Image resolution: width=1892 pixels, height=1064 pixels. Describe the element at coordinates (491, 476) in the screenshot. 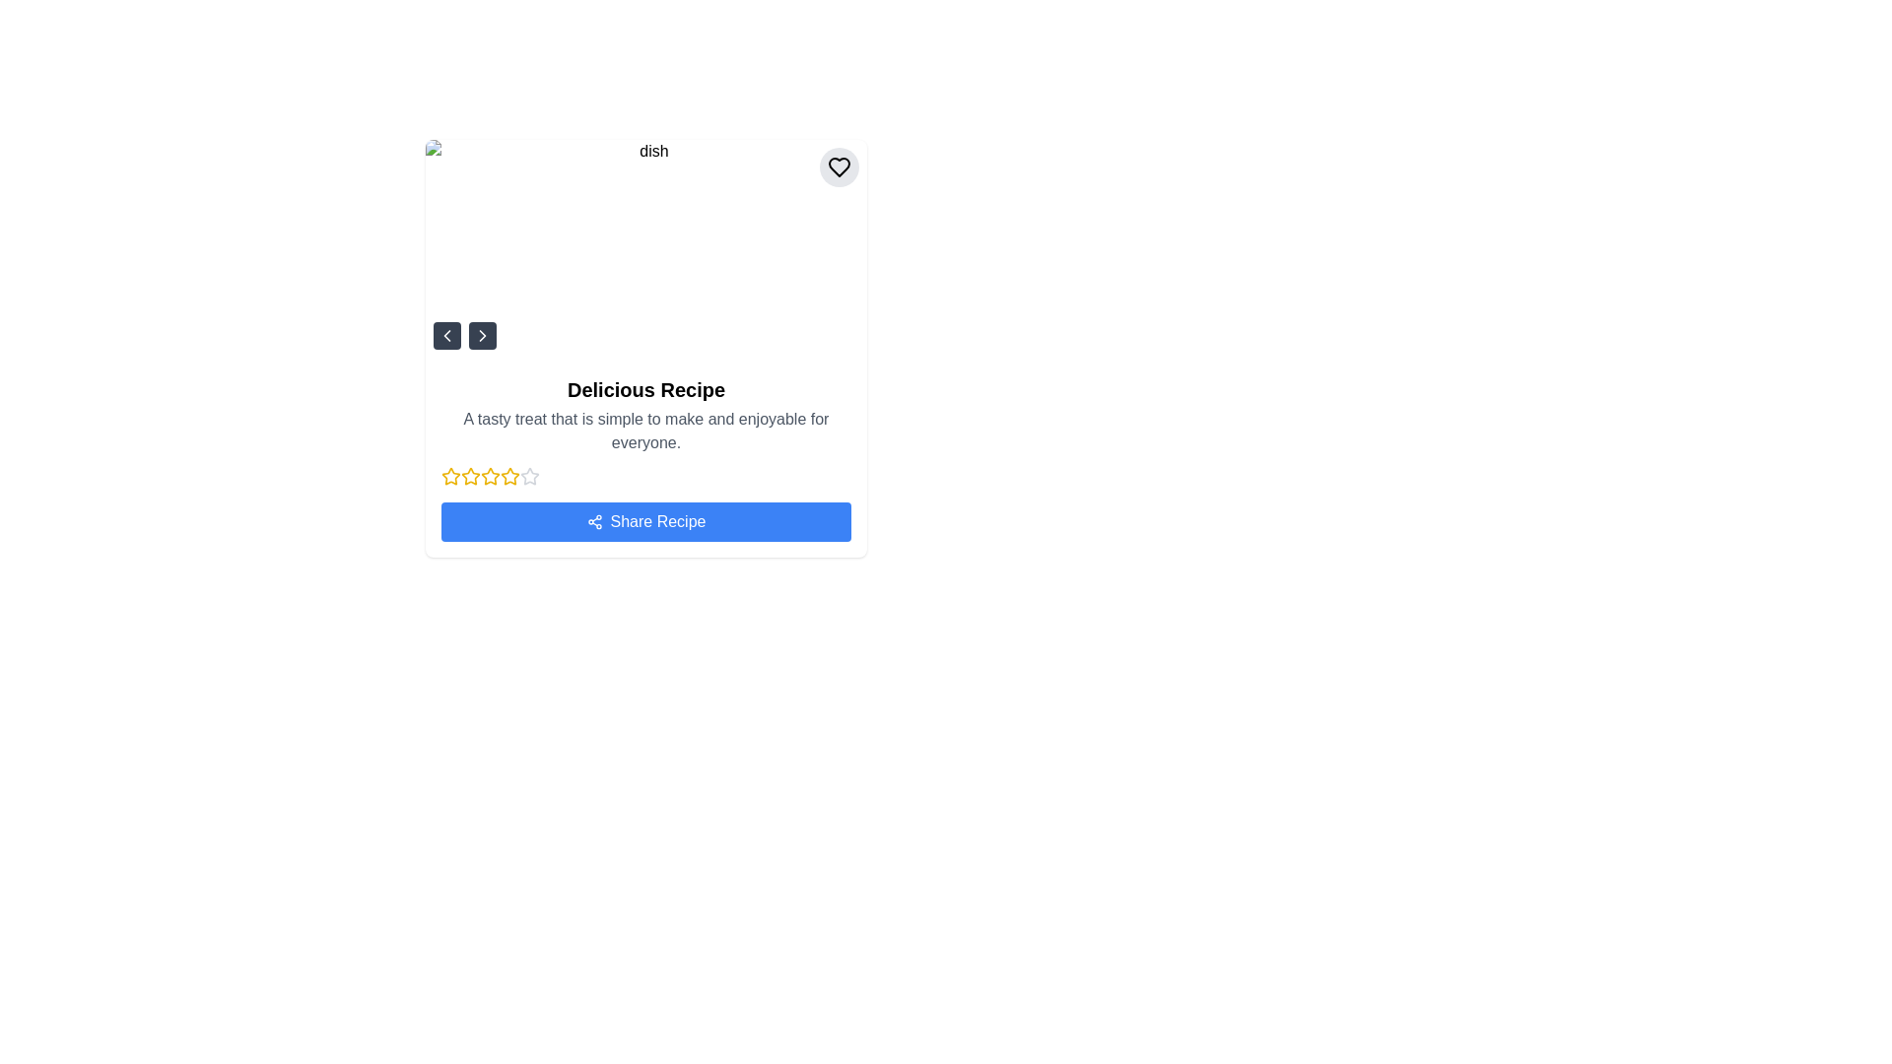

I see `the fourth yellow outlined star icon in the rating system below the recipe description to rate it` at that location.